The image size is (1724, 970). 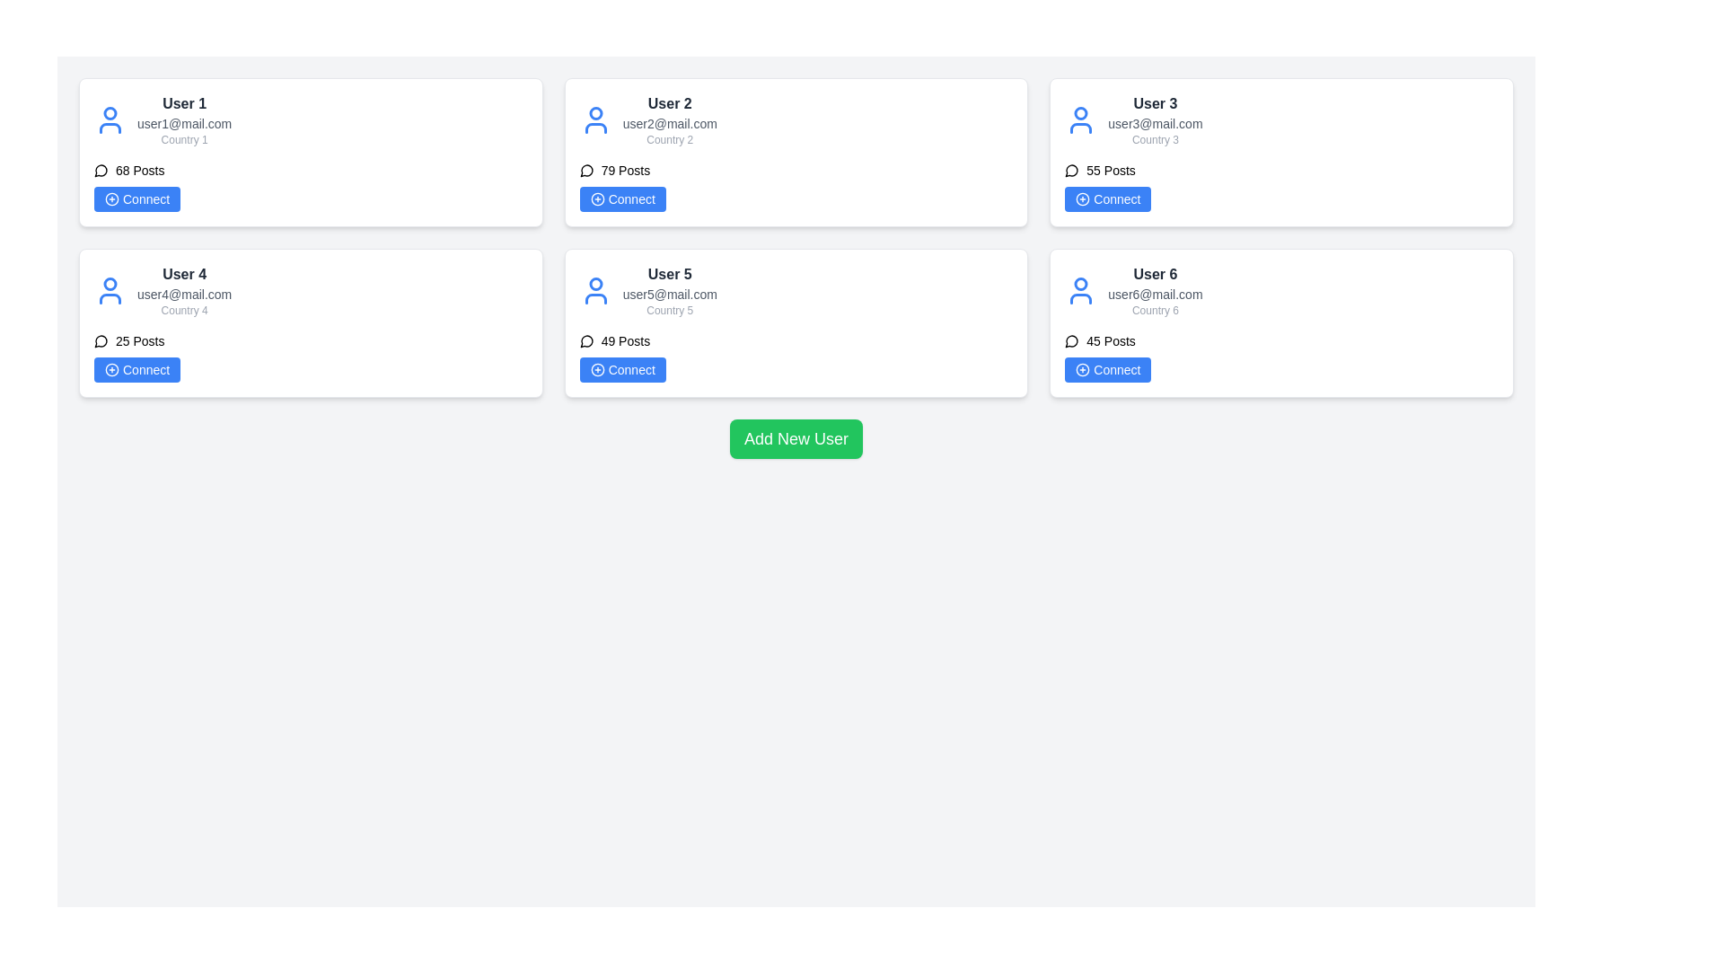 I want to click on the text display that contains 'Country 3', which is located below the email address 'user3@mail.com' in the user information card for 'User 3', so click(x=1155, y=138).